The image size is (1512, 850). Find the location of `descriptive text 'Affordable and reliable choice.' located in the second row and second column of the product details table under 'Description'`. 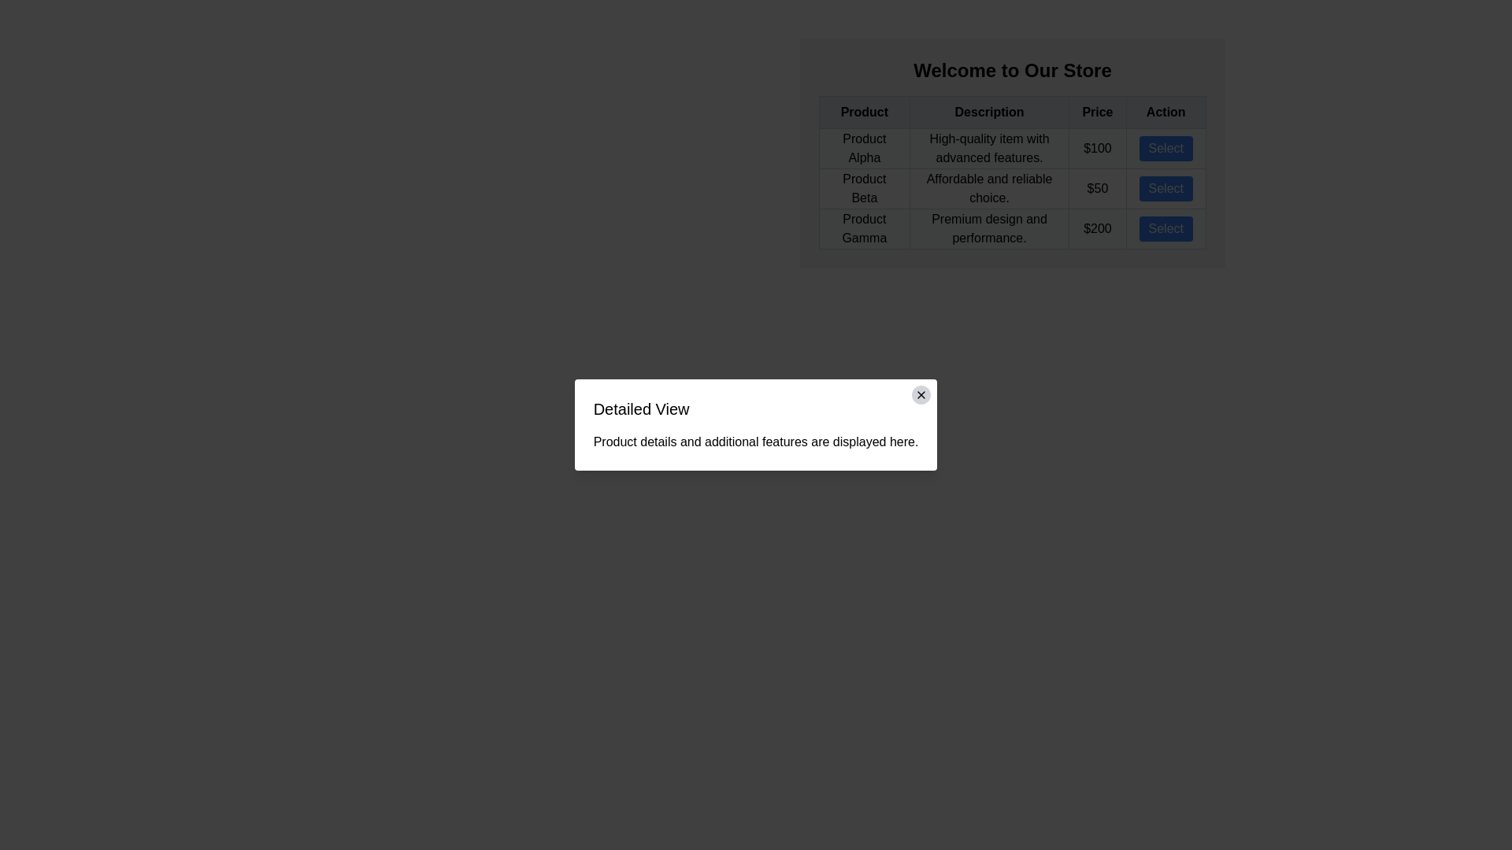

descriptive text 'Affordable and reliable choice.' located in the second row and second column of the product details table under 'Description' is located at coordinates (1013, 187).